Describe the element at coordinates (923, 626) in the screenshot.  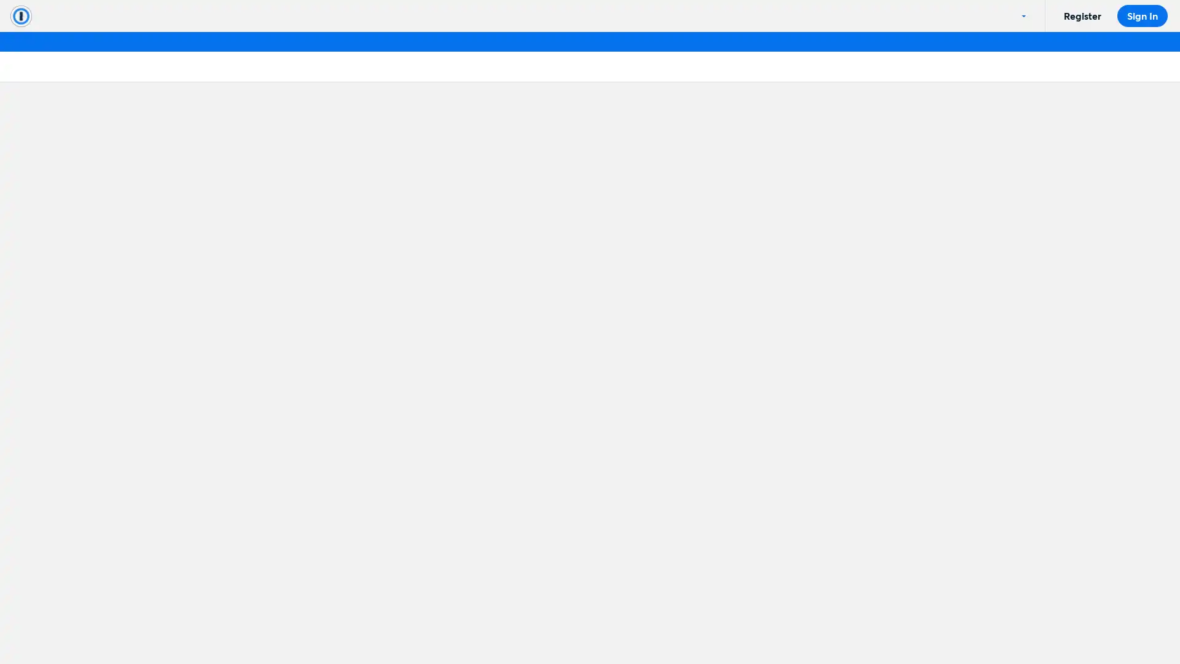
I see `Accept` at that location.